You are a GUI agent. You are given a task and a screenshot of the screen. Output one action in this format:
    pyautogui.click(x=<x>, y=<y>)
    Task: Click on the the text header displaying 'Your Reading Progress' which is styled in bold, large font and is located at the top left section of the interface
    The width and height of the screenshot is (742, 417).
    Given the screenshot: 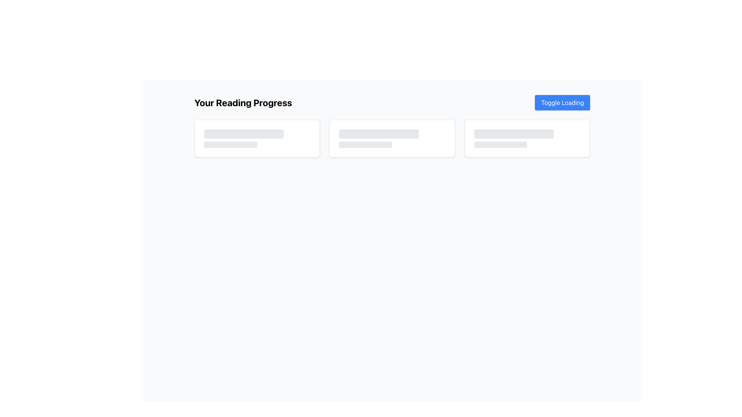 What is the action you would take?
    pyautogui.click(x=243, y=102)
    